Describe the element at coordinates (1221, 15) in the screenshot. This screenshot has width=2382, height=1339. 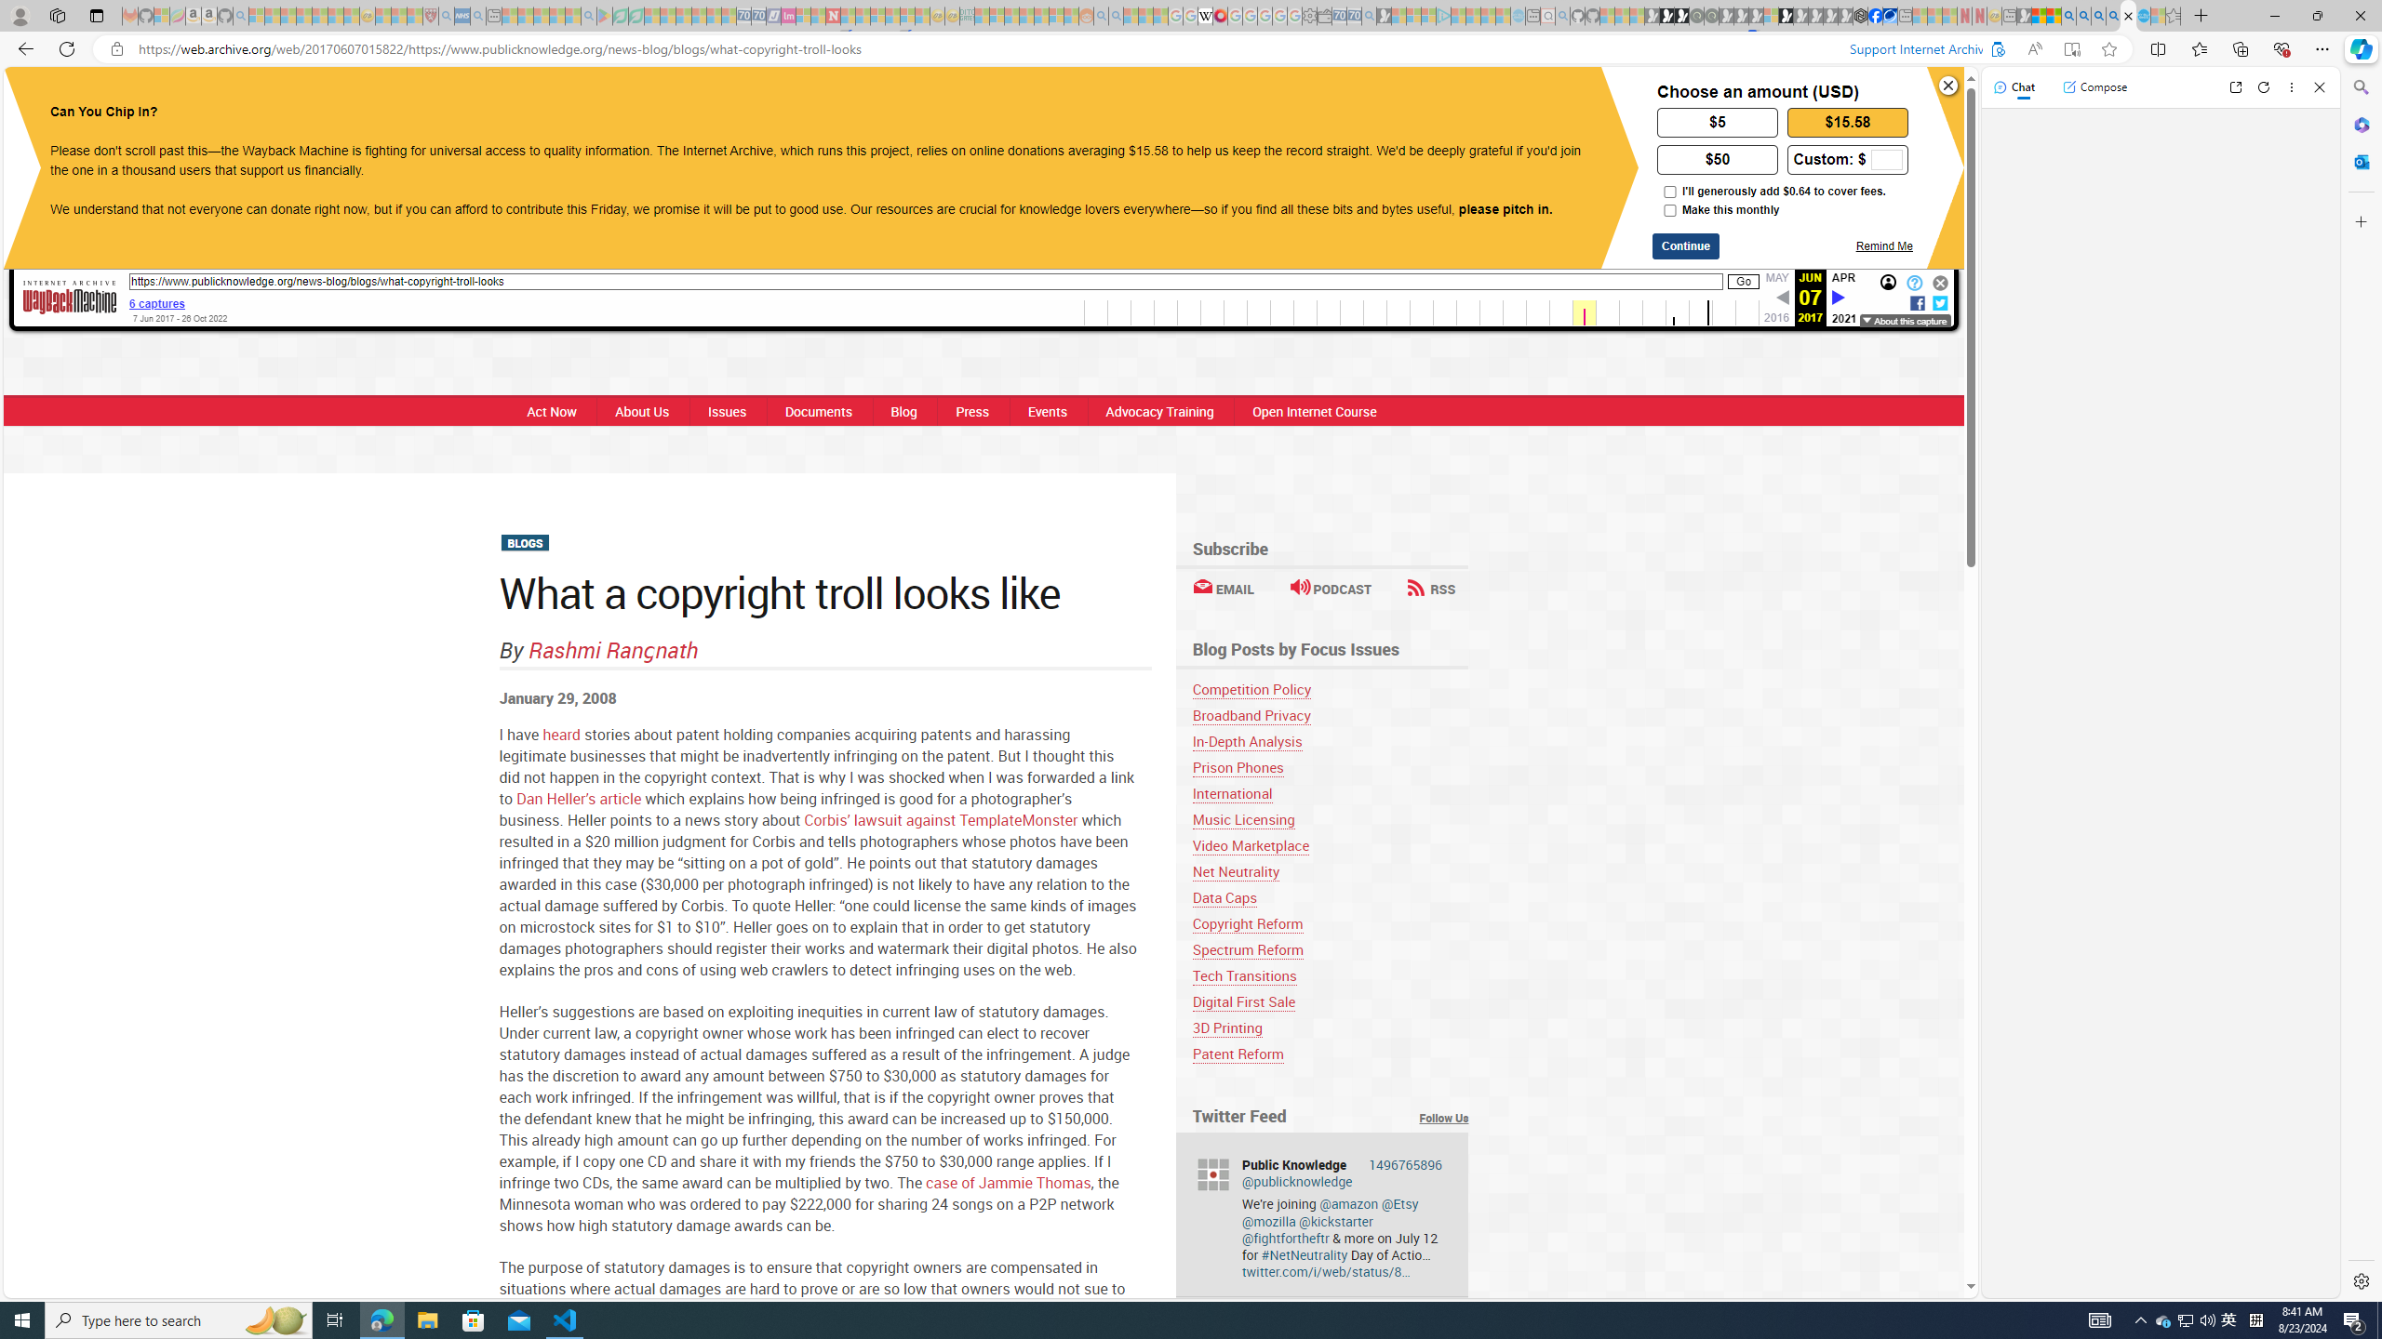
I see `'MediaWiki'` at that location.